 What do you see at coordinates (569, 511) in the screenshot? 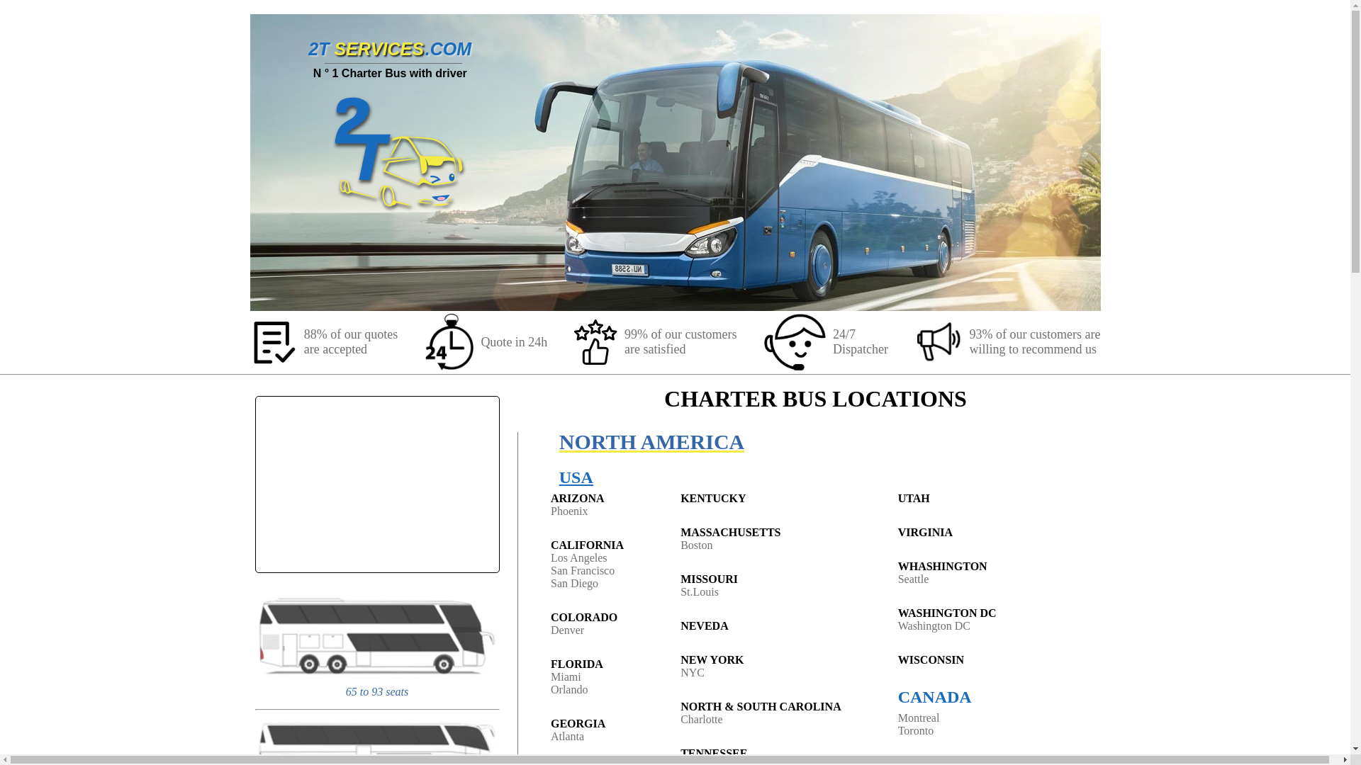
I see `'Phoenix'` at bounding box center [569, 511].